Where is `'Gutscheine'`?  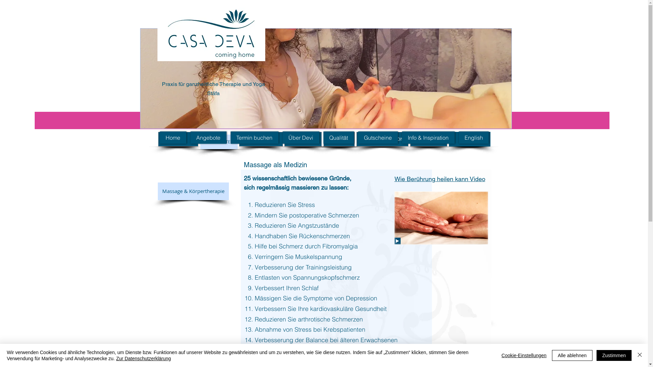 'Gutscheine' is located at coordinates (357, 138).